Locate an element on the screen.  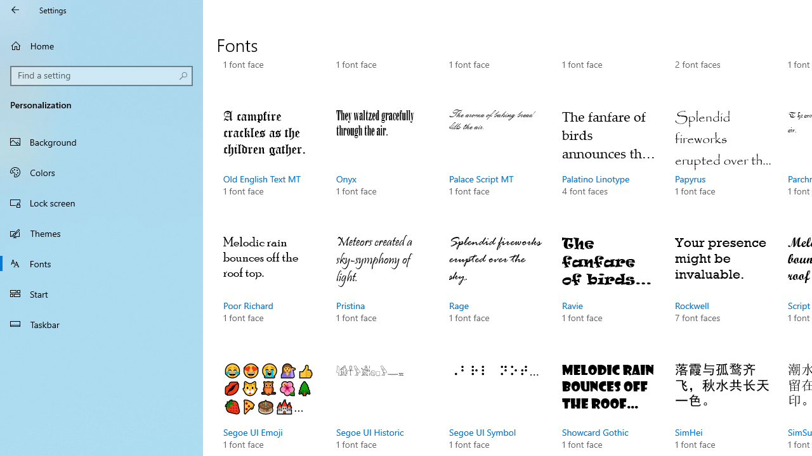
'Lock screen' is located at coordinates (101, 202).